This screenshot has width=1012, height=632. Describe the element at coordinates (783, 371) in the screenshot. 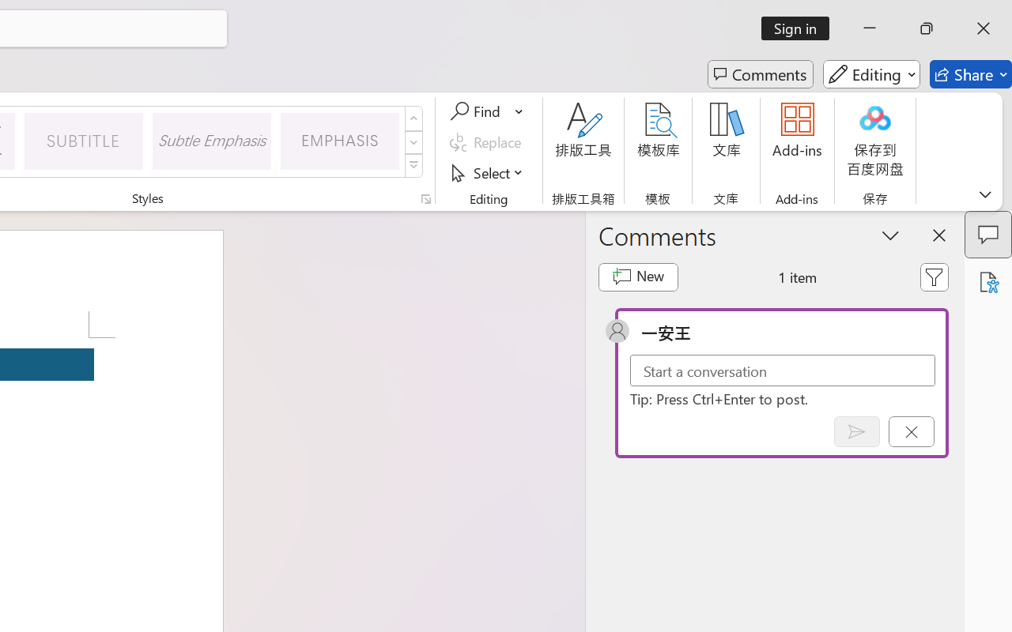

I see `'Start a conversation'` at that location.